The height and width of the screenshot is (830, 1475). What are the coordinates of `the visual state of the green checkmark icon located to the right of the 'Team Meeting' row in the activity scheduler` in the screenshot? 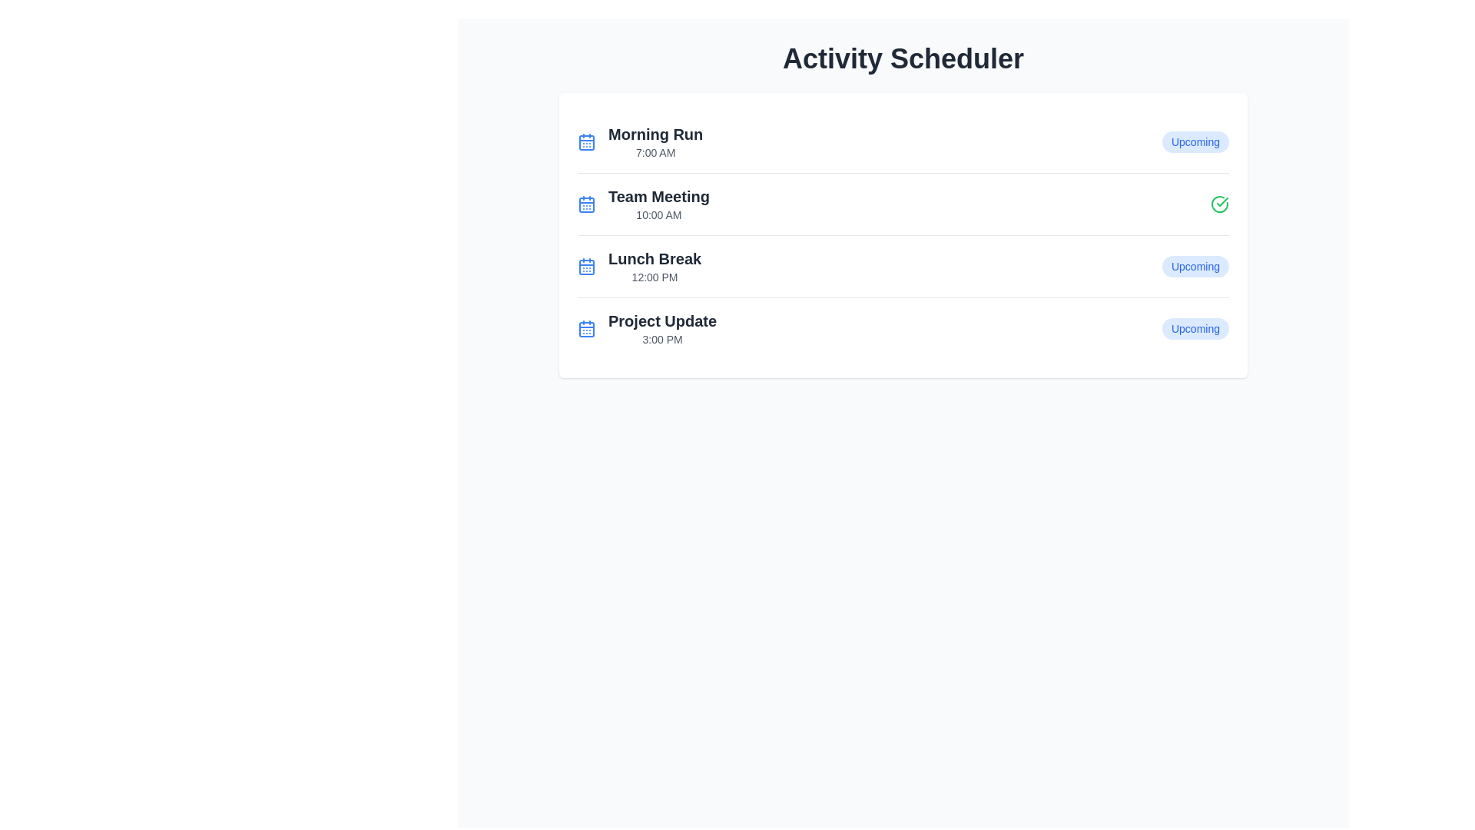 It's located at (1221, 201).